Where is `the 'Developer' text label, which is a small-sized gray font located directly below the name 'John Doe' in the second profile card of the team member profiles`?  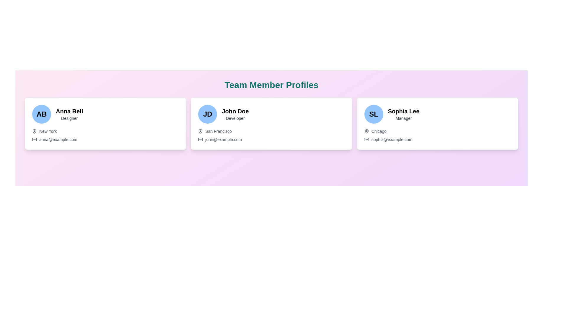 the 'Developer' text label, which is a small-sized gray font located directly below the name 'John Doe' in the second profile card of the team member profiles is located at coordinates (235, 118).